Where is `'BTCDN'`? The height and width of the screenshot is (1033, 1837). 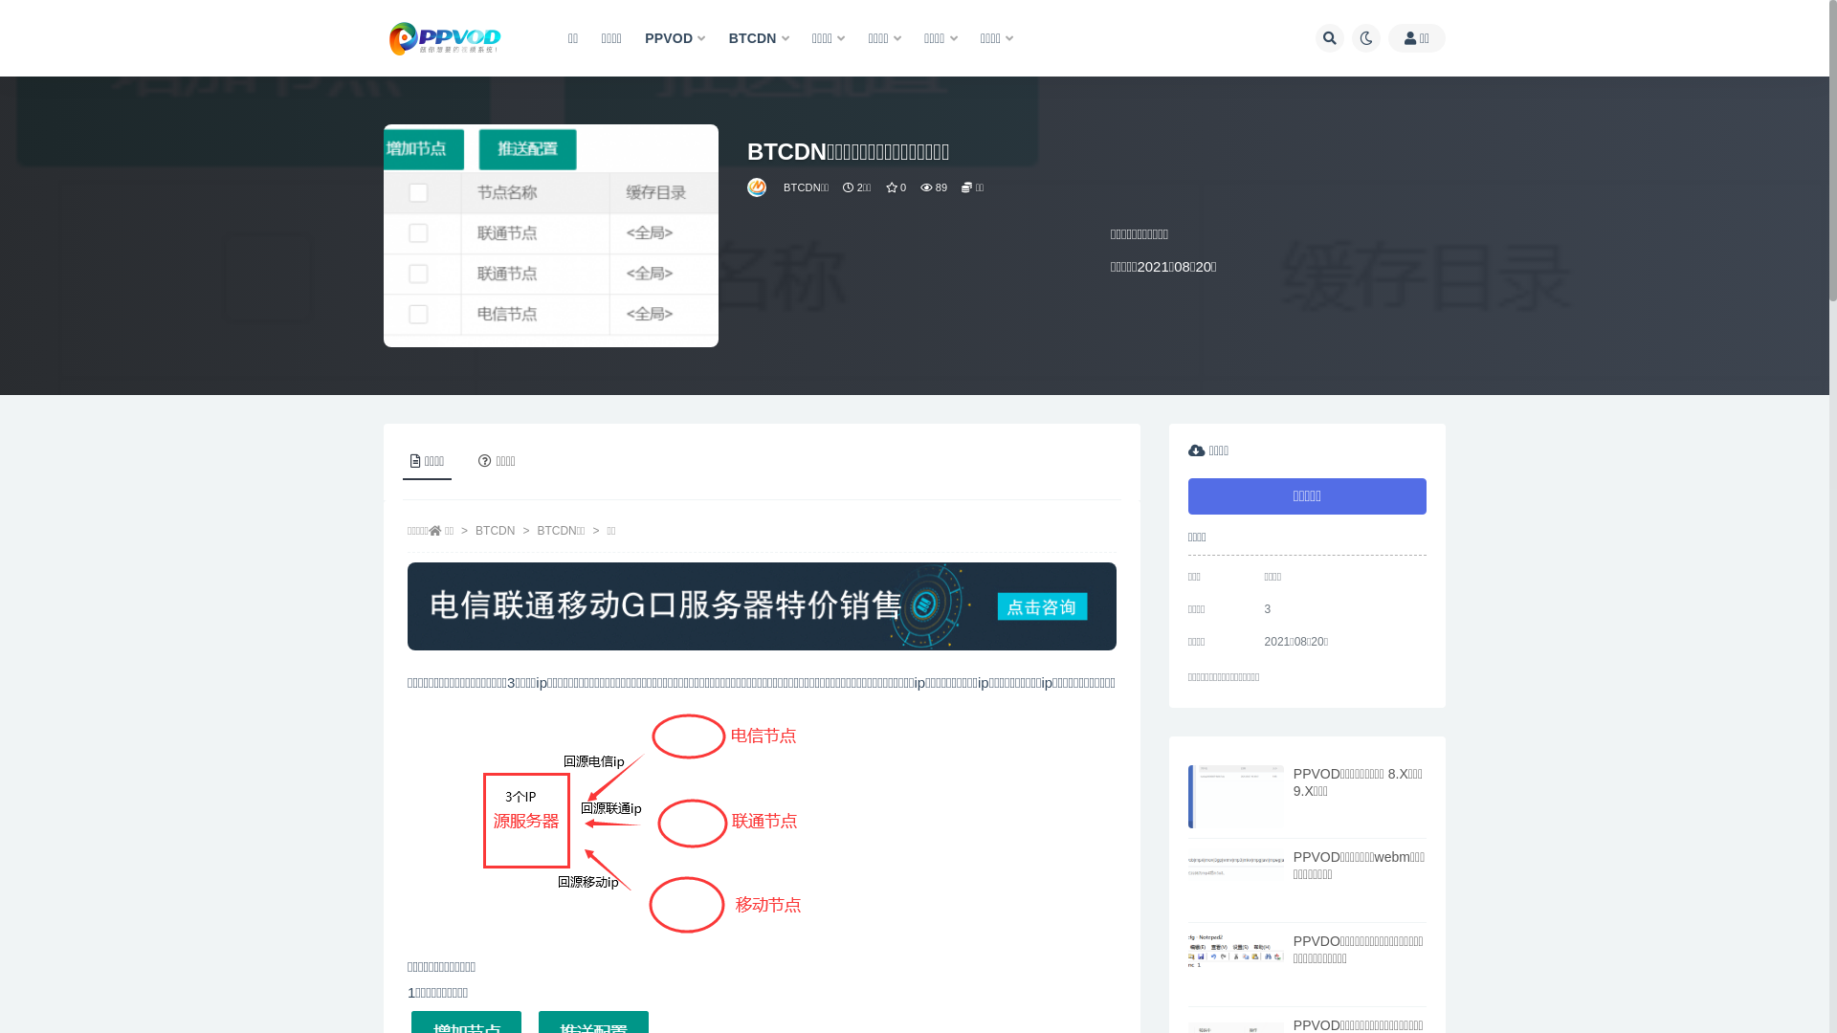 'BTCDN' is located at coordinates (495, 531).